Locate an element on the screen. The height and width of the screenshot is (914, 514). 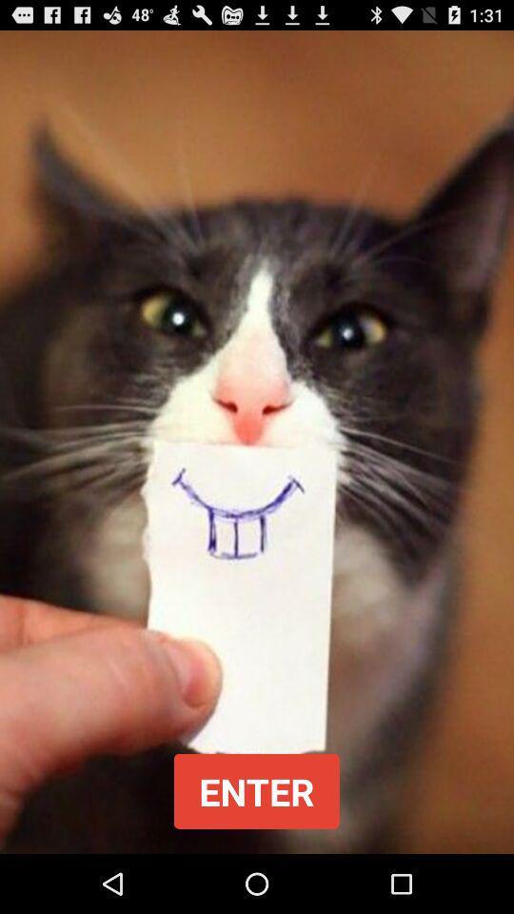
button at the bottom is located at coordinates (256, 791).